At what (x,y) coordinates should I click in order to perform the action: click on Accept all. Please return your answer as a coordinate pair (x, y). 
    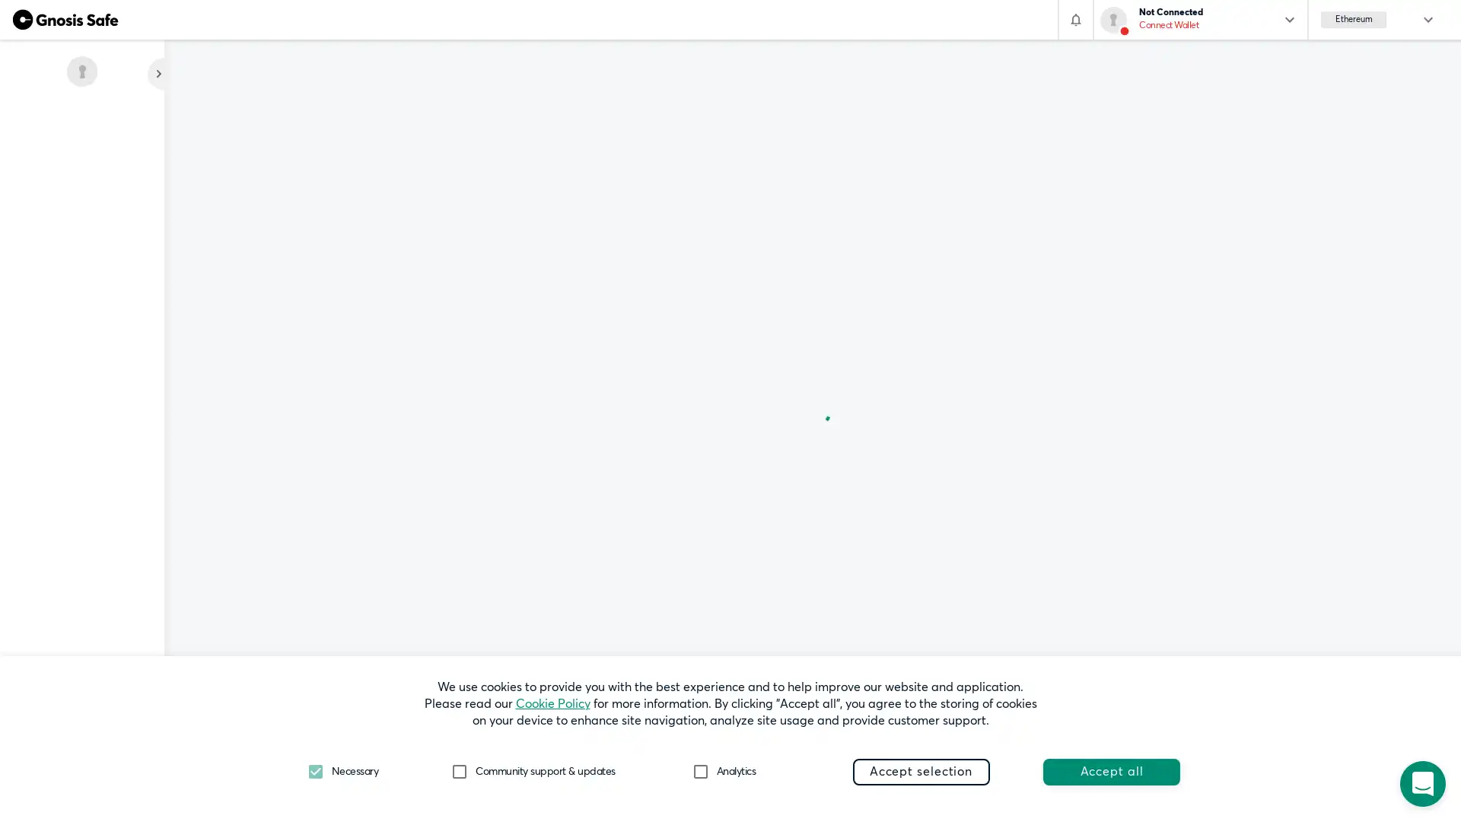
    Looking at the image, I should click on (1111, 771).